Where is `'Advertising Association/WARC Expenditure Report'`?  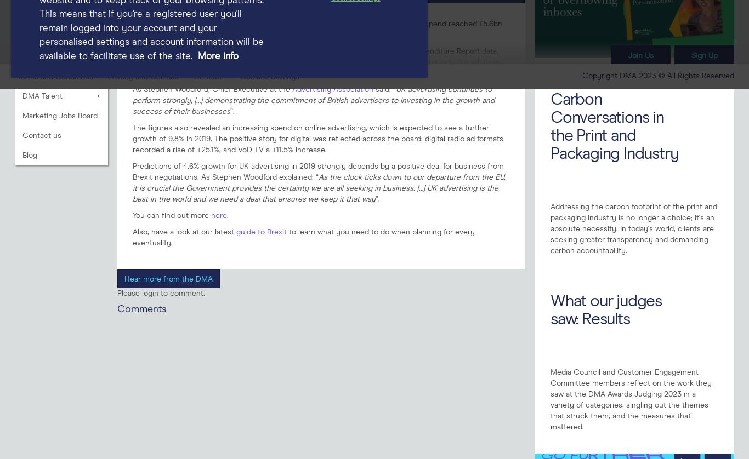
'Advertising Association/WARC Expenditure Report' is located at coordinates (257, 24).